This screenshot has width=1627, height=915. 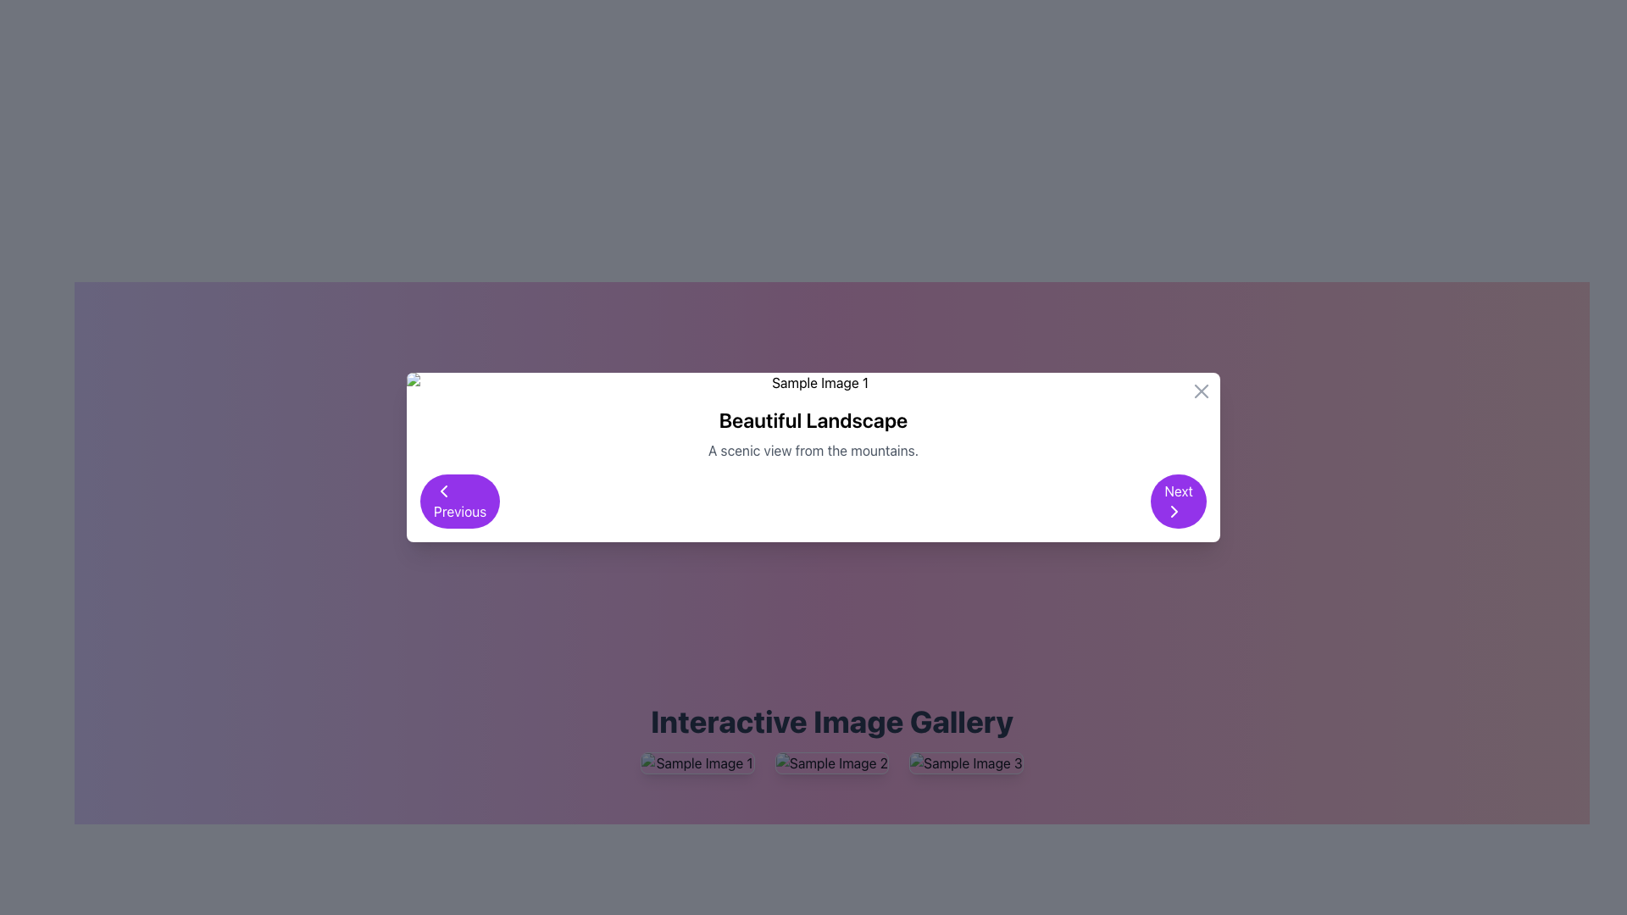 What do you see at coordinates (1178, 500) in the screenshot?
I see `the 'Next' button located at the bottom-right corner of the navigation group` at bounding box center [1178, 500].